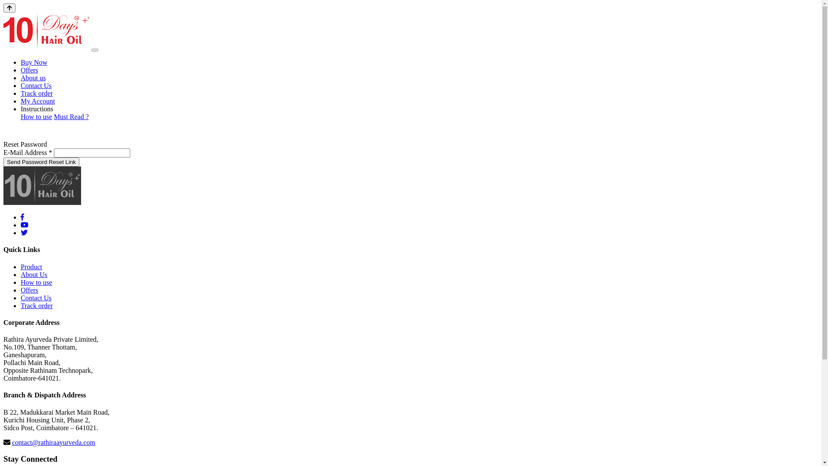 This screenshot has width=828, height=466. What do you see at coordinates (34, 62) in the screenshot?
I see `'Buy Now` at bounding box center [34, 62].